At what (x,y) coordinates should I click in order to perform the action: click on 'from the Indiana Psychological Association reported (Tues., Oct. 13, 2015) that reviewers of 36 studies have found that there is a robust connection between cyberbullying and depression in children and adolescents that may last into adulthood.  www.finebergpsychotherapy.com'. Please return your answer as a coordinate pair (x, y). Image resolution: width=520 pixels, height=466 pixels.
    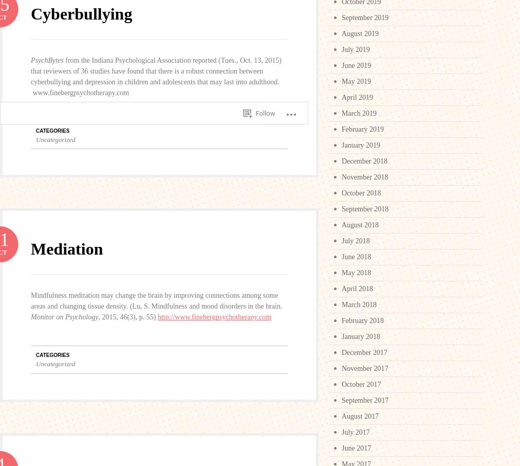
    Looking at the image, I should click on (155, 76).